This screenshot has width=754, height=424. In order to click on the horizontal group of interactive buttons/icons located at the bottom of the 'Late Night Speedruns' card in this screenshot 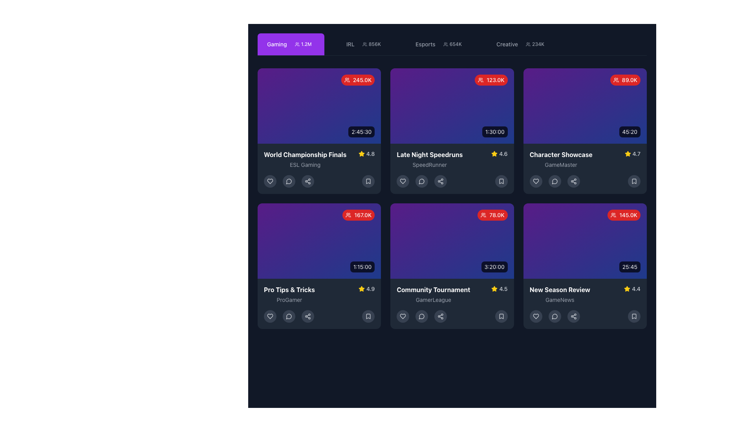, I will do `click(452, 181)`.